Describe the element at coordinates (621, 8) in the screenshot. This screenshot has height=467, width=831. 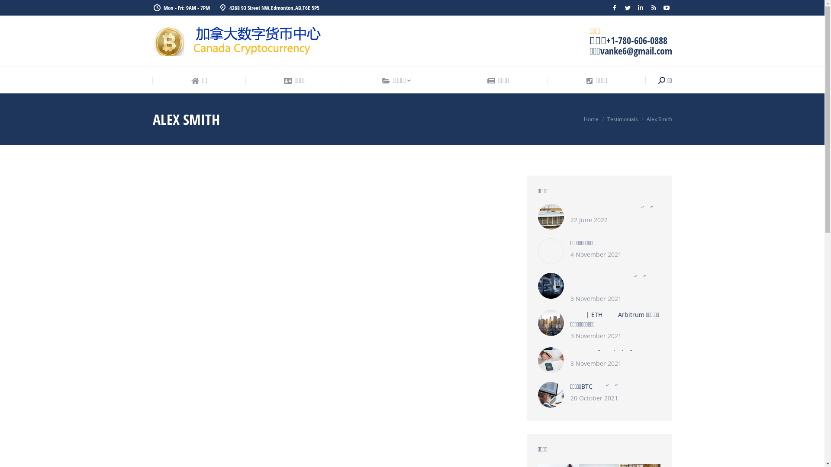
I see `'Twitter page opens in new window'` at that location.